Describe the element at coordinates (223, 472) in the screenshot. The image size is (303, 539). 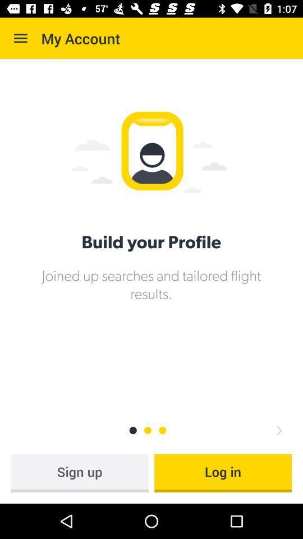
I see `log in item` at that location.